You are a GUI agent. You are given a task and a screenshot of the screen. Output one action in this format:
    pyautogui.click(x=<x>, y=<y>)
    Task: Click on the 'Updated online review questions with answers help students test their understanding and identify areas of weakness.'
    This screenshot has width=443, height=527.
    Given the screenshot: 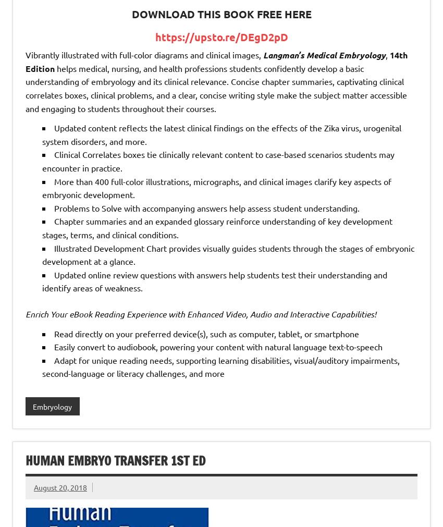 What is the action you would take?
    pyautogui.click(x=214, y=280)
    